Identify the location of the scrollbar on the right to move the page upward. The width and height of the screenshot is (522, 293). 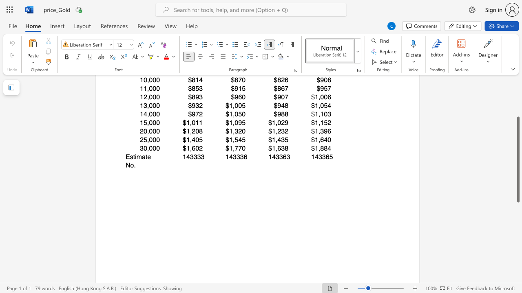
(518, 90).